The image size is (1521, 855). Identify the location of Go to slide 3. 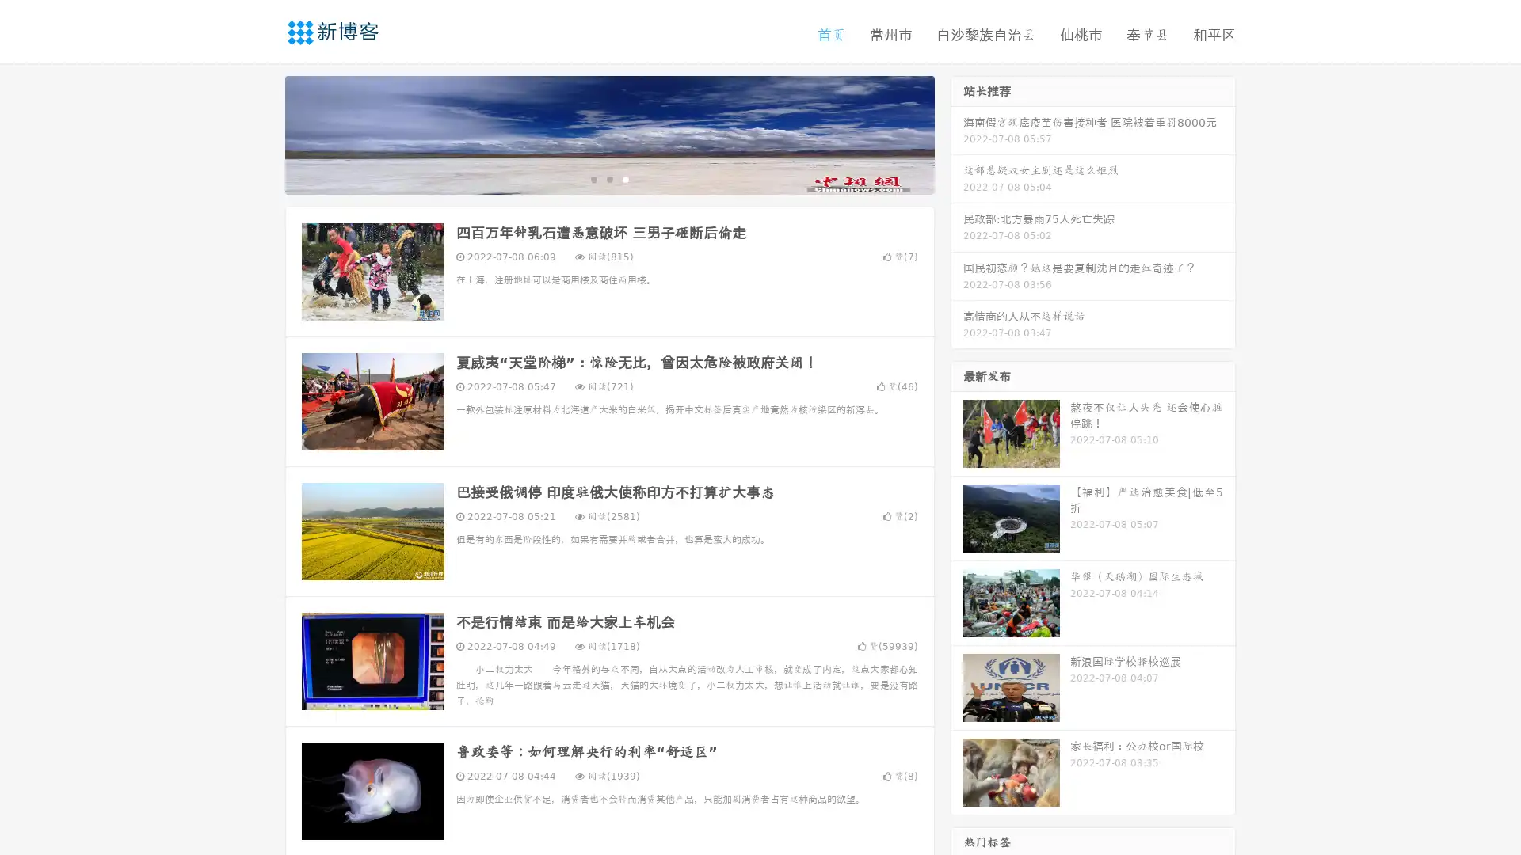
(625, 178).